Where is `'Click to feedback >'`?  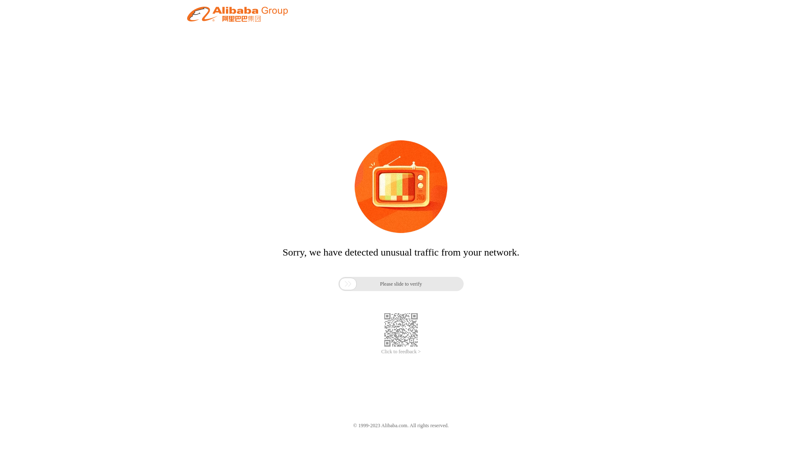
'Click to feedback >' is located at coordinates (401, 352).